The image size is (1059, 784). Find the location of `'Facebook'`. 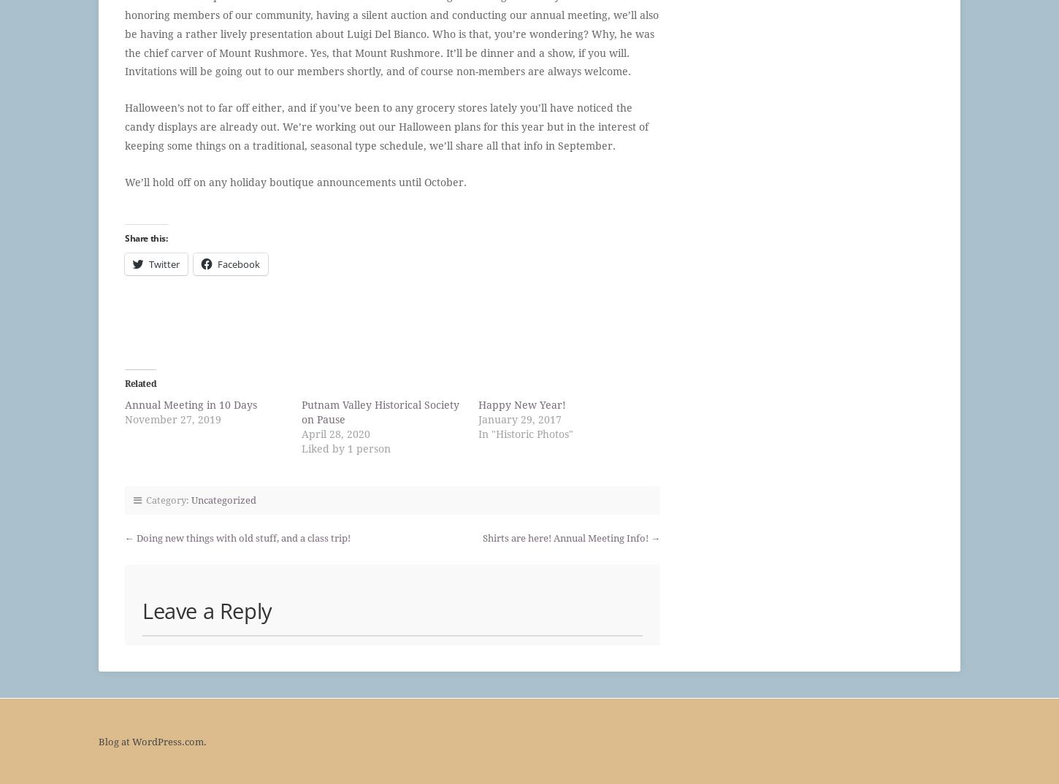

'Facebook' is located at coordinates (238, 262).